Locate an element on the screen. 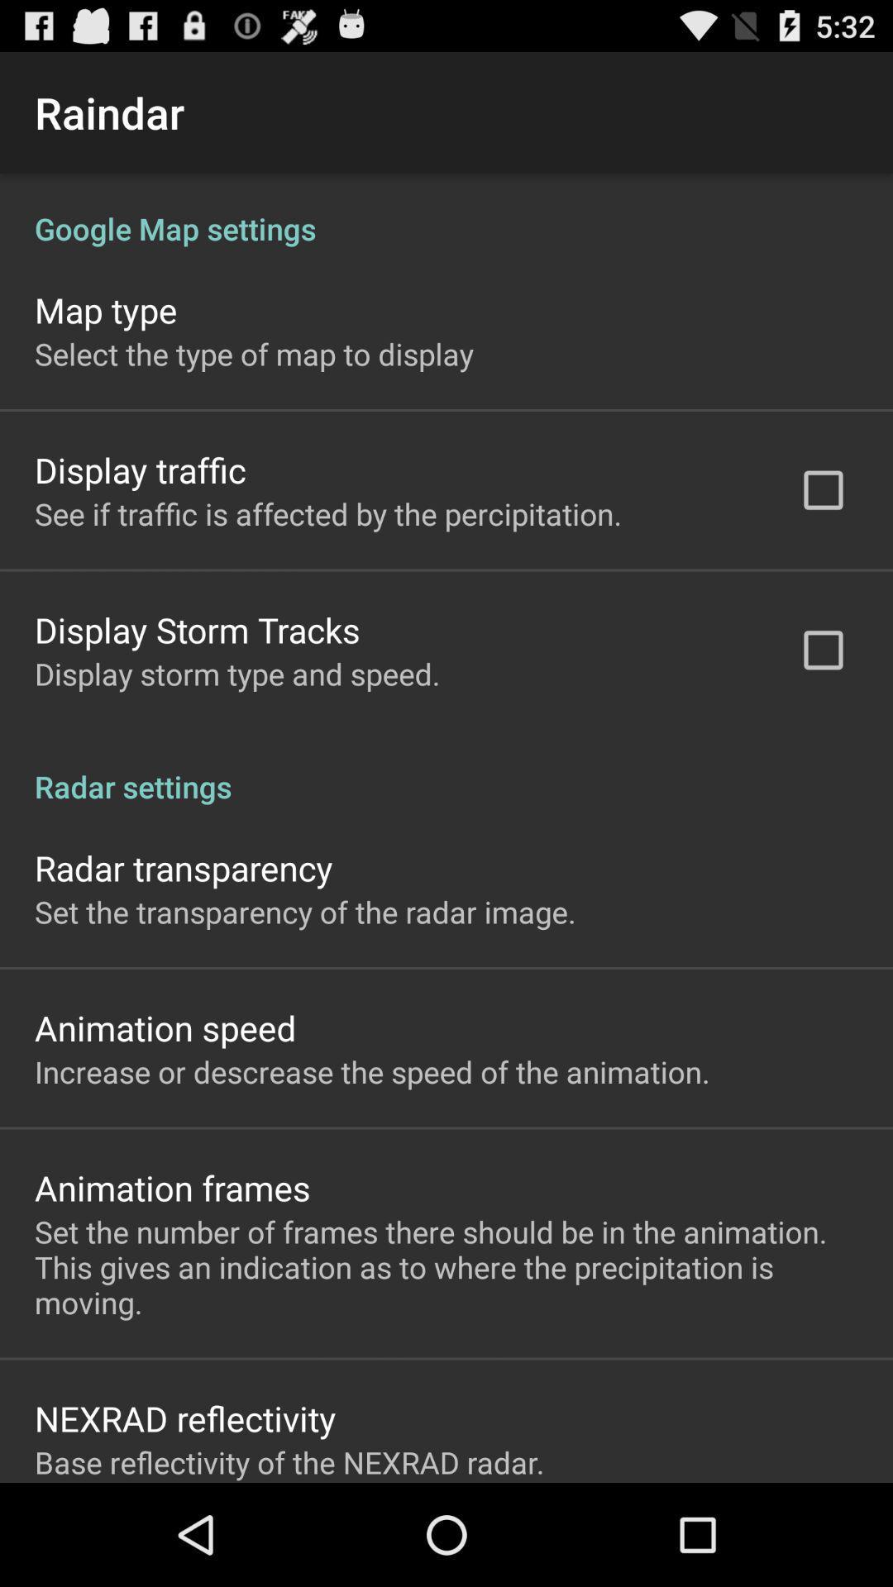 The width and height of the screenshot is (893, 1587). item below display storm type is located at coordinates (446, 768).